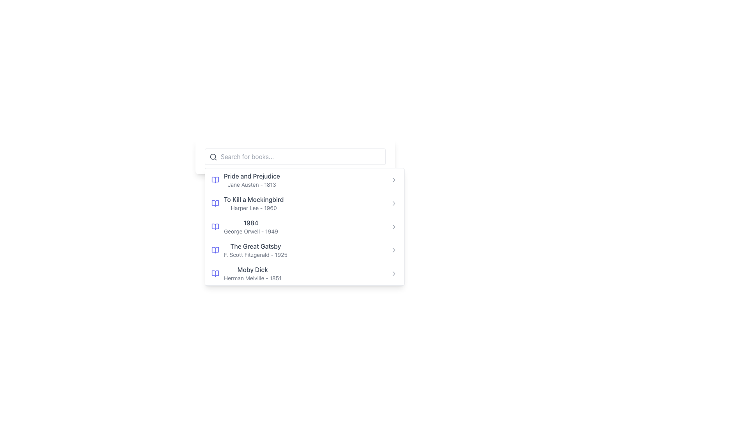 The image size is (749, 421). What do you see at coordinates (252, 180) in the screenshot?
I see `the selectable book entry located directly under the search bar and to the left of the blue book icon` at bounding box center [252, 180].